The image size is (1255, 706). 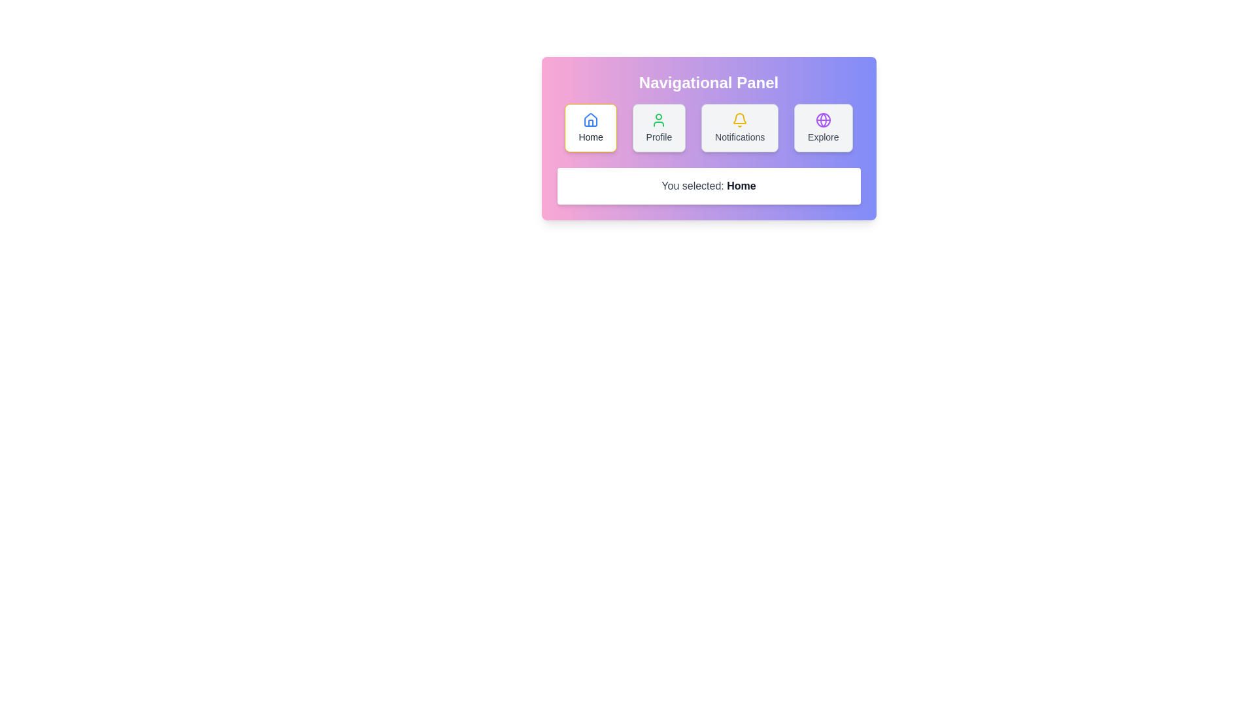 What do you see at coordinates (740, 118) in the screenshot?
I see `the lower section of the bell-shaped icon in the 'Notifications' button, which is the third button from the left in the top row of the navigation panel` at bounding box center [740, 118].